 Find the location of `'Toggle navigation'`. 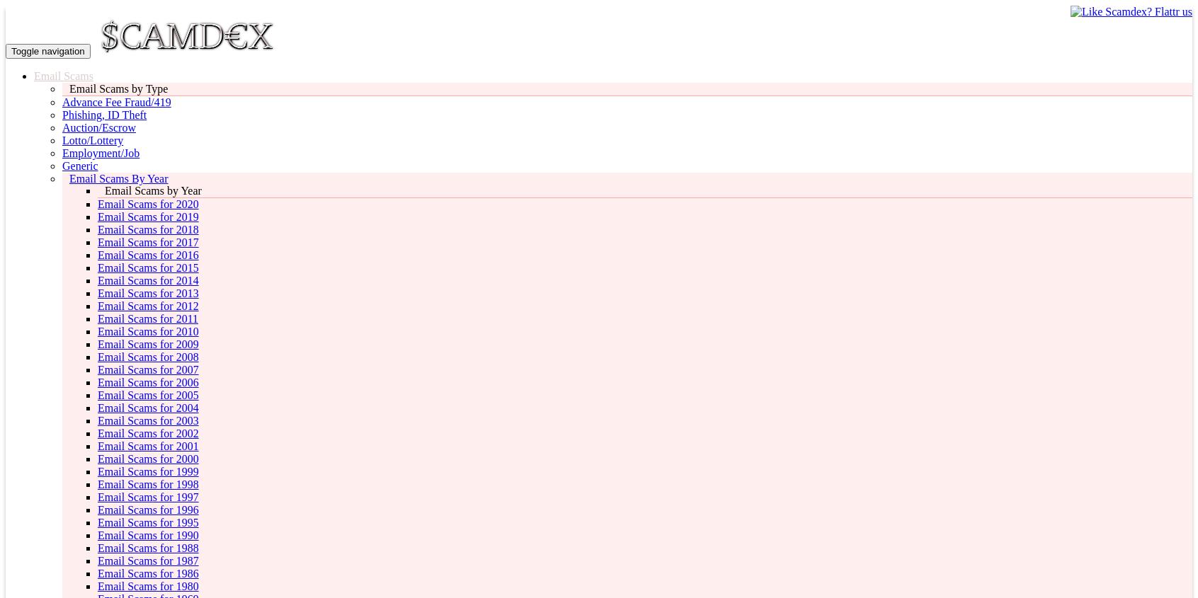

'Toggle navigation' is located at coordinates (47, 50).